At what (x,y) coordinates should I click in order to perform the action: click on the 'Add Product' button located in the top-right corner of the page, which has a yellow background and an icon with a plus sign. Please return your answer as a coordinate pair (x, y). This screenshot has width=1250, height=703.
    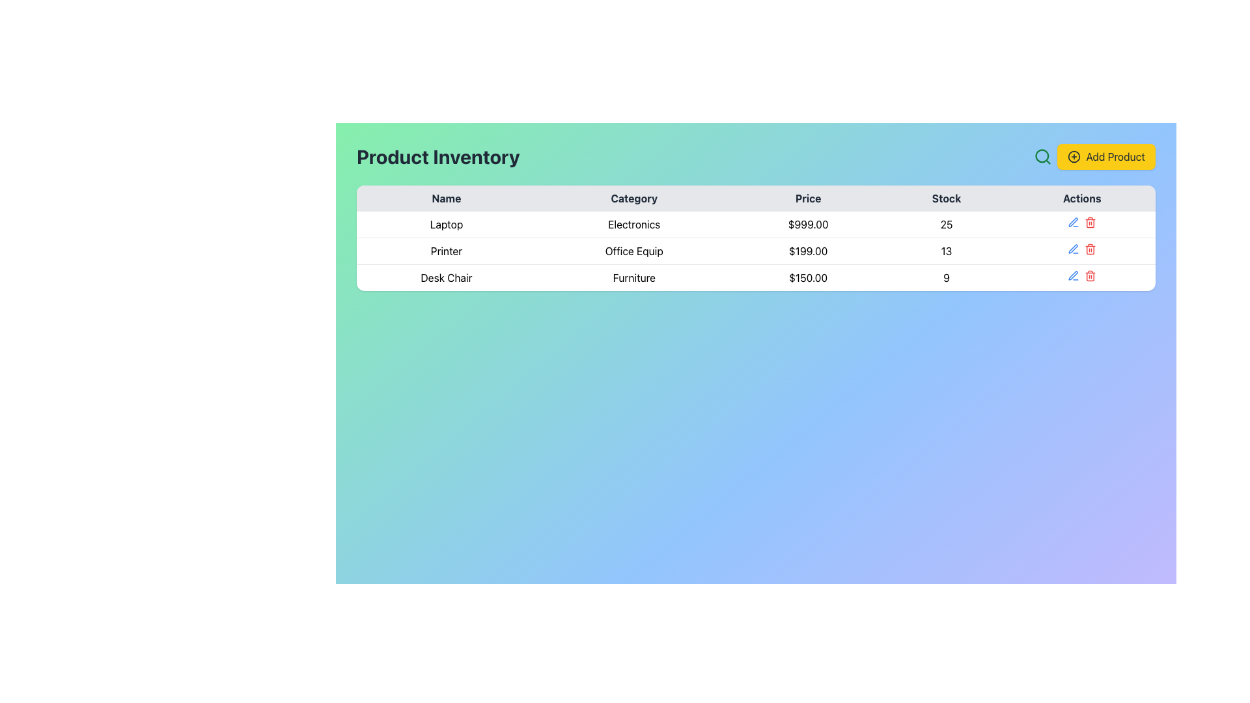
    Looking at the image, I should click on (1094, 156).